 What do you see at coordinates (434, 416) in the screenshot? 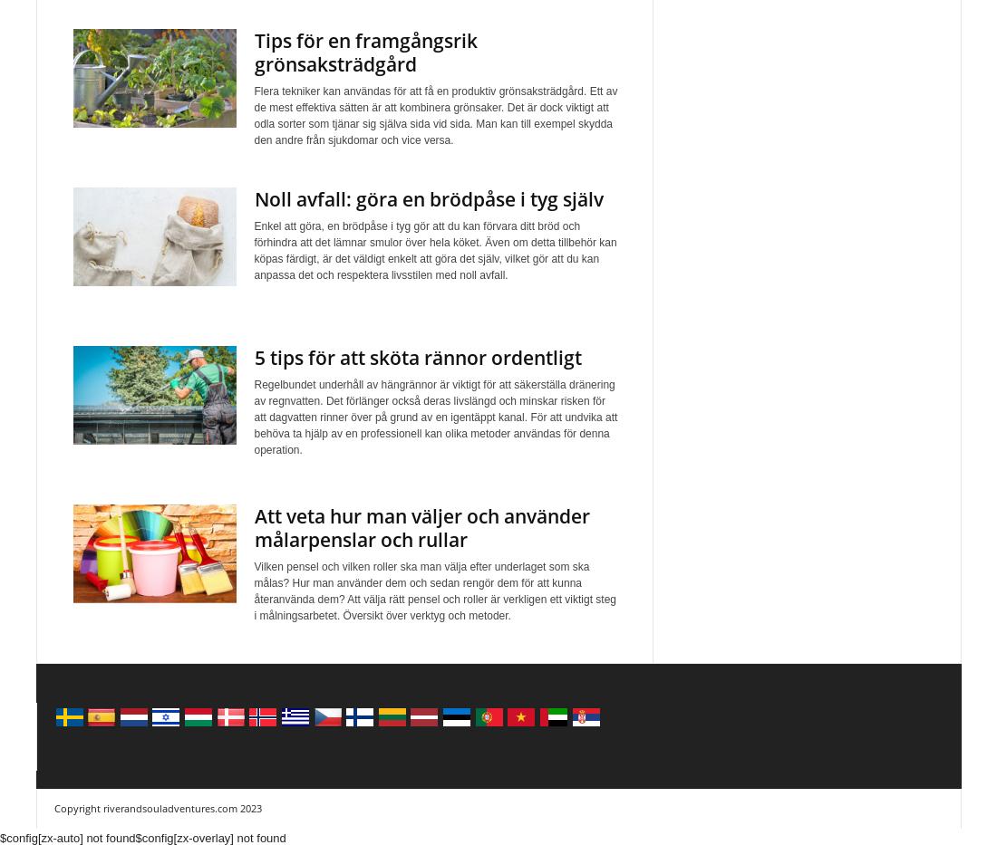
I see `'Regelbundet underhåll av hängrännor är viktigt för att säkerställa dränering av regnvatten. Det förlänger också deras livslängd och minskar risken för att dagvatten rinner över på grund av en igentäppt kanal. För att undvika att behöva ta hjälp av en professionell kan olika metoder användas för denna operation.'` at bounding box center [434, 416].